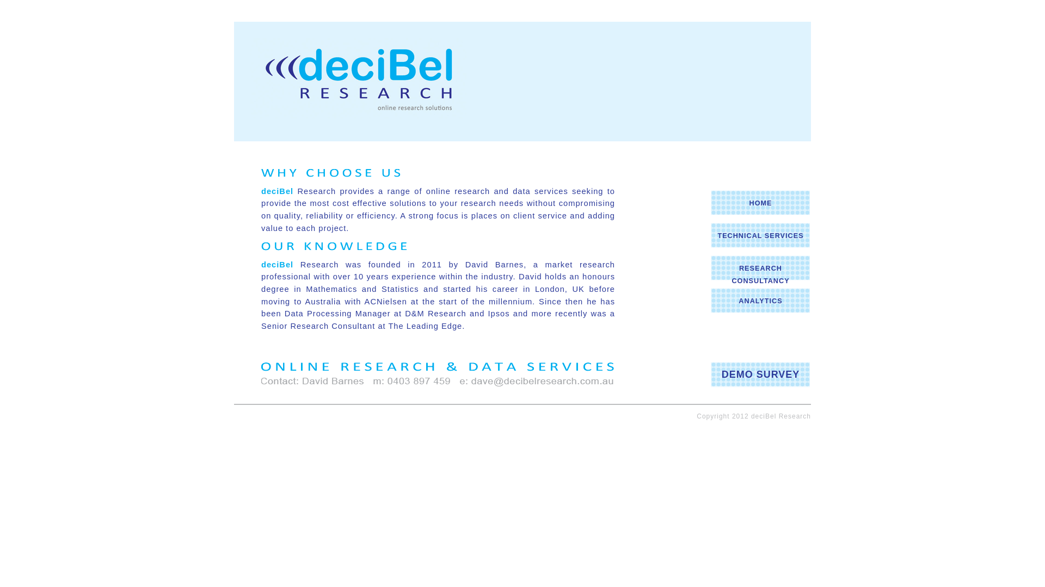 This screenshot has height=587, width=1045. Describe the element at coordinates (759, 274) in the screenshot. I see `'RESEARCH CONSULTANCY'` at that location.